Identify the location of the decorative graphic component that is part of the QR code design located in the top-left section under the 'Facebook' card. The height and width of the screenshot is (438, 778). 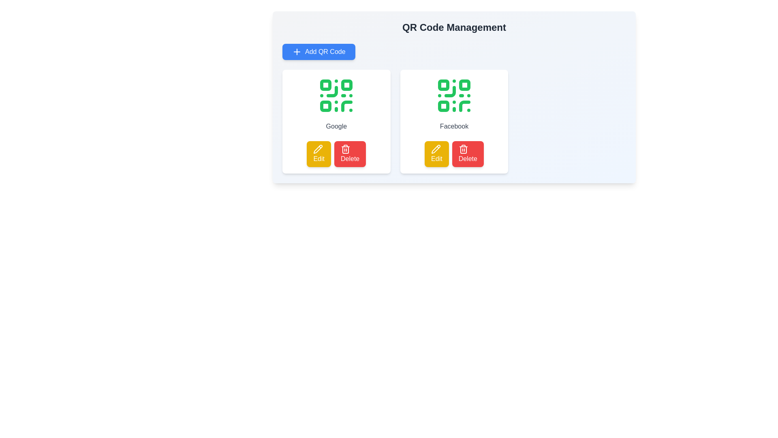
(443, 85).